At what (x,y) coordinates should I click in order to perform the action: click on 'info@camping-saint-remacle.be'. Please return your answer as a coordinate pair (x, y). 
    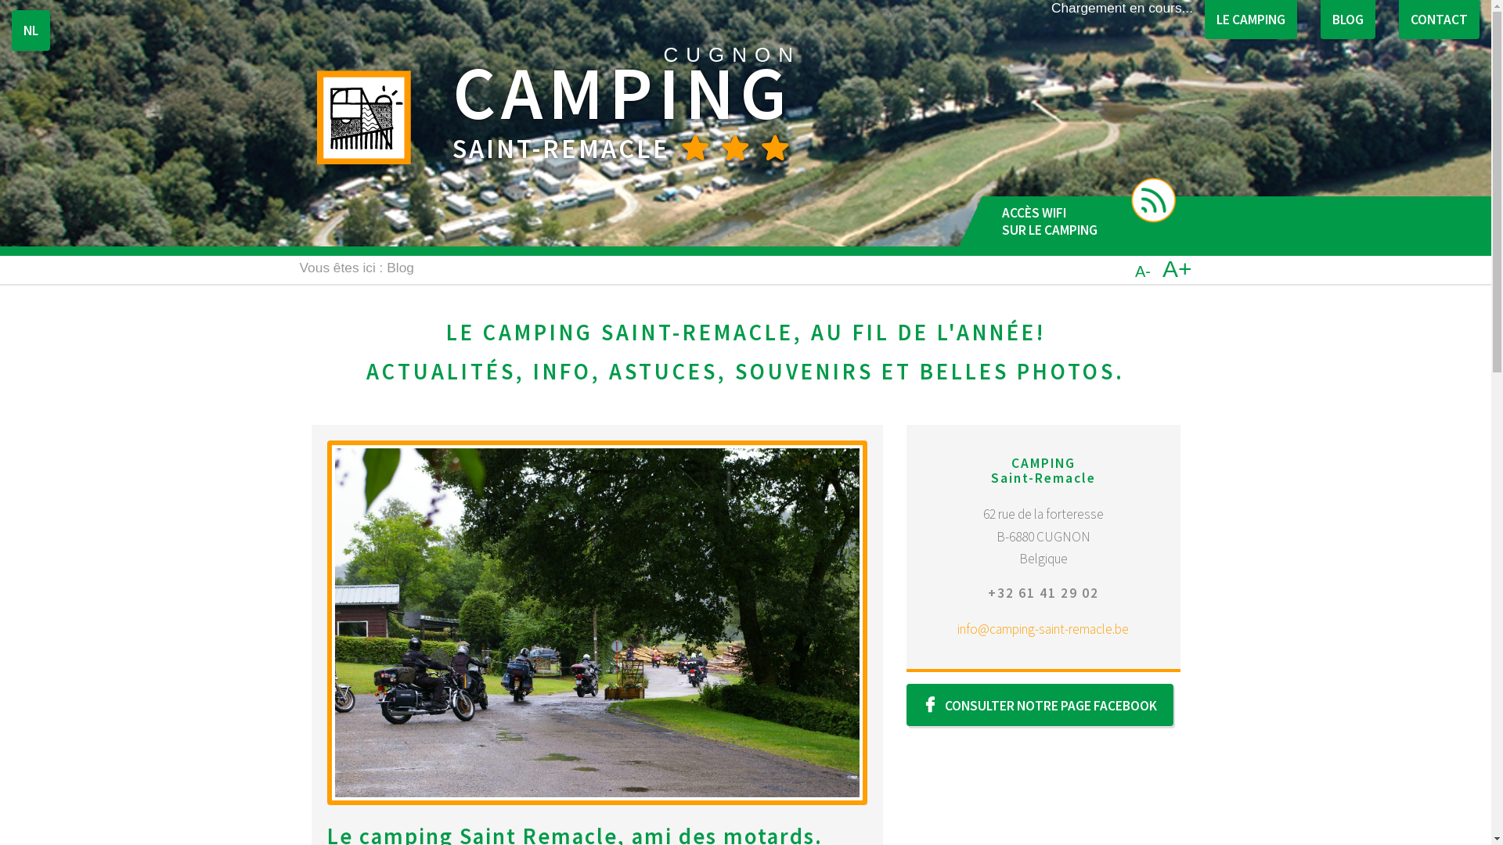
    Looking at the image, I should click on (1043, 627).